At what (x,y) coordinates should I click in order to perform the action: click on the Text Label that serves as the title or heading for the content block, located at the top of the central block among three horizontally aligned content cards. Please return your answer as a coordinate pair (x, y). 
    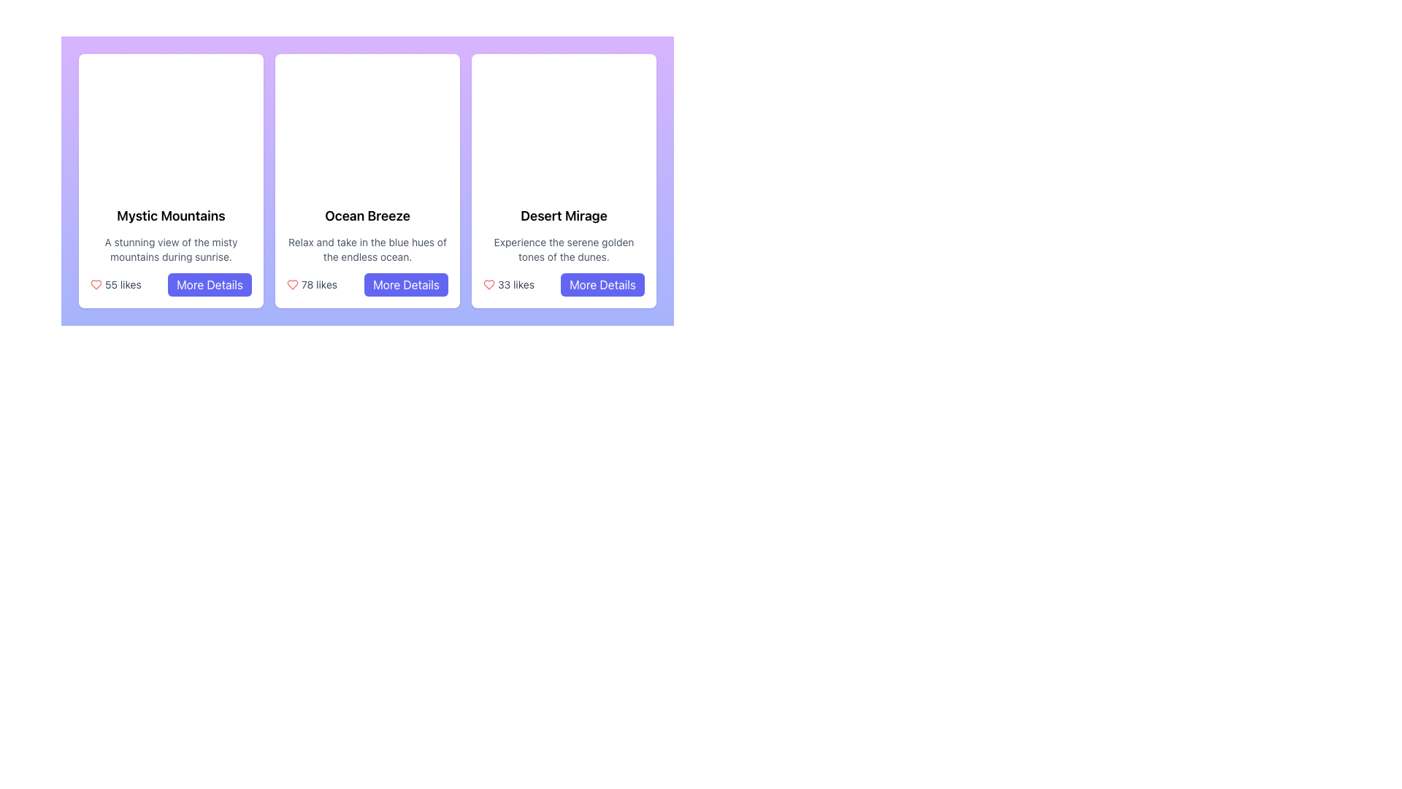
    Looking at the image, I should click on (367, 216).